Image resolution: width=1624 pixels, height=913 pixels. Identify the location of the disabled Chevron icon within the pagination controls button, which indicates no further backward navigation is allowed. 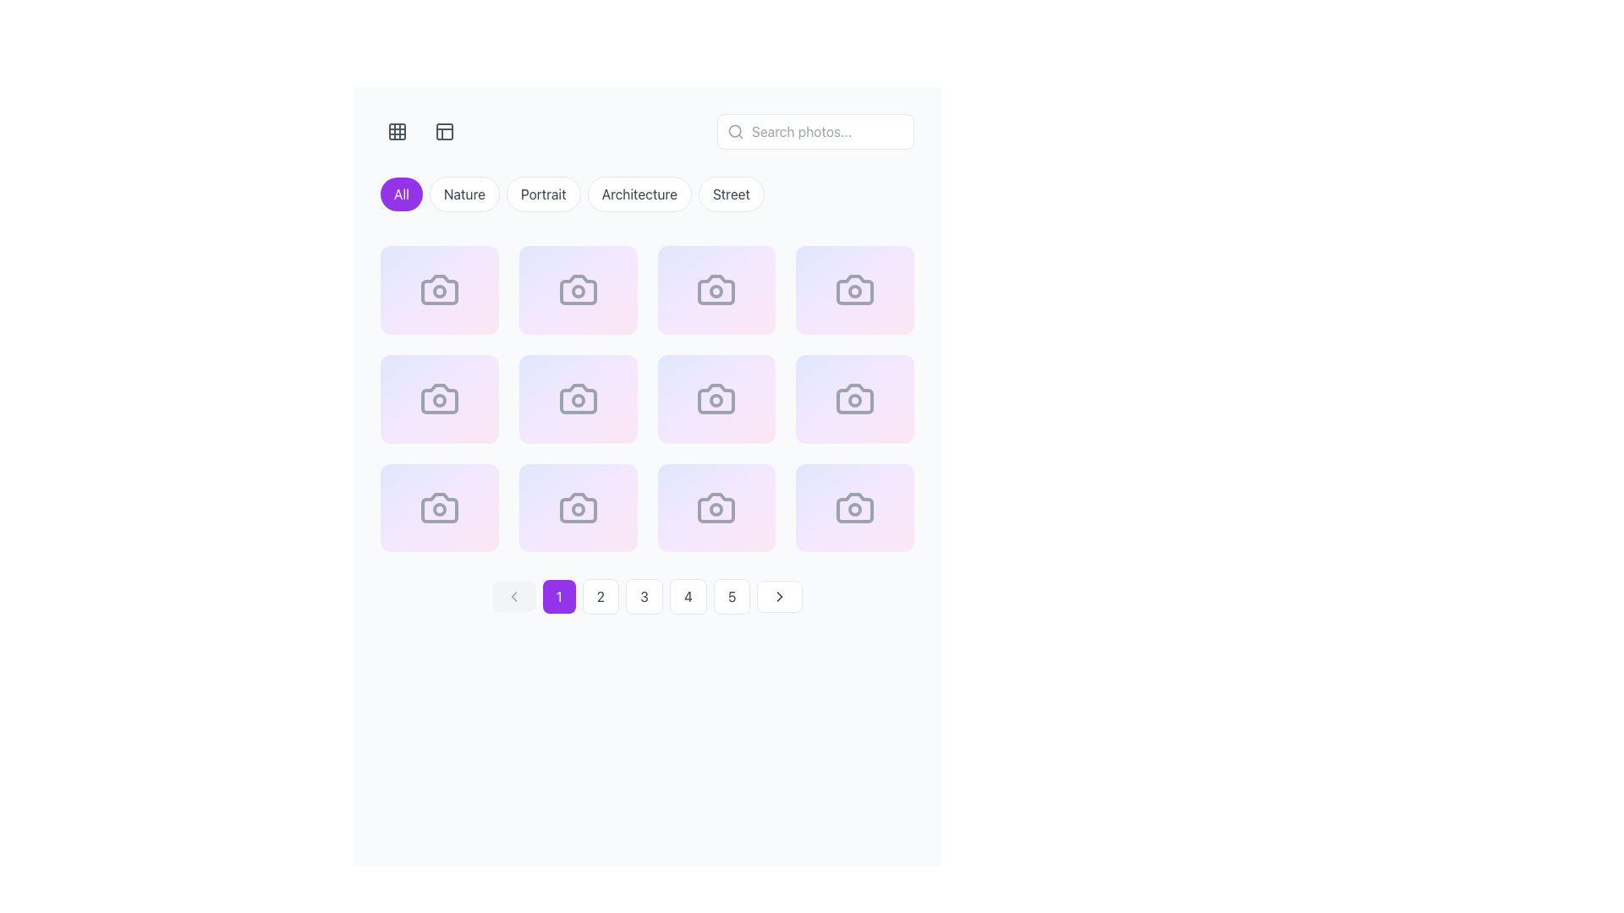
(513, 596).